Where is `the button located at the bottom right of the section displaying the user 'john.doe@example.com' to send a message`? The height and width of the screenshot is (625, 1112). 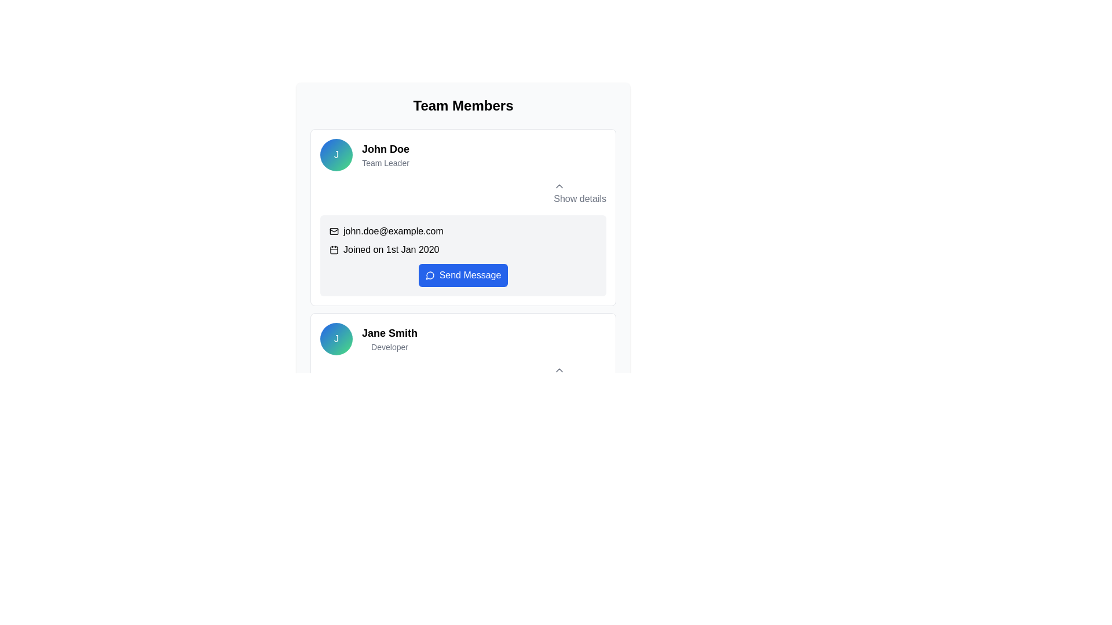
the button located at the bottom right of the section displaying the user 'john.doe@example.com' to send a message is located at coordinates (463, 275).